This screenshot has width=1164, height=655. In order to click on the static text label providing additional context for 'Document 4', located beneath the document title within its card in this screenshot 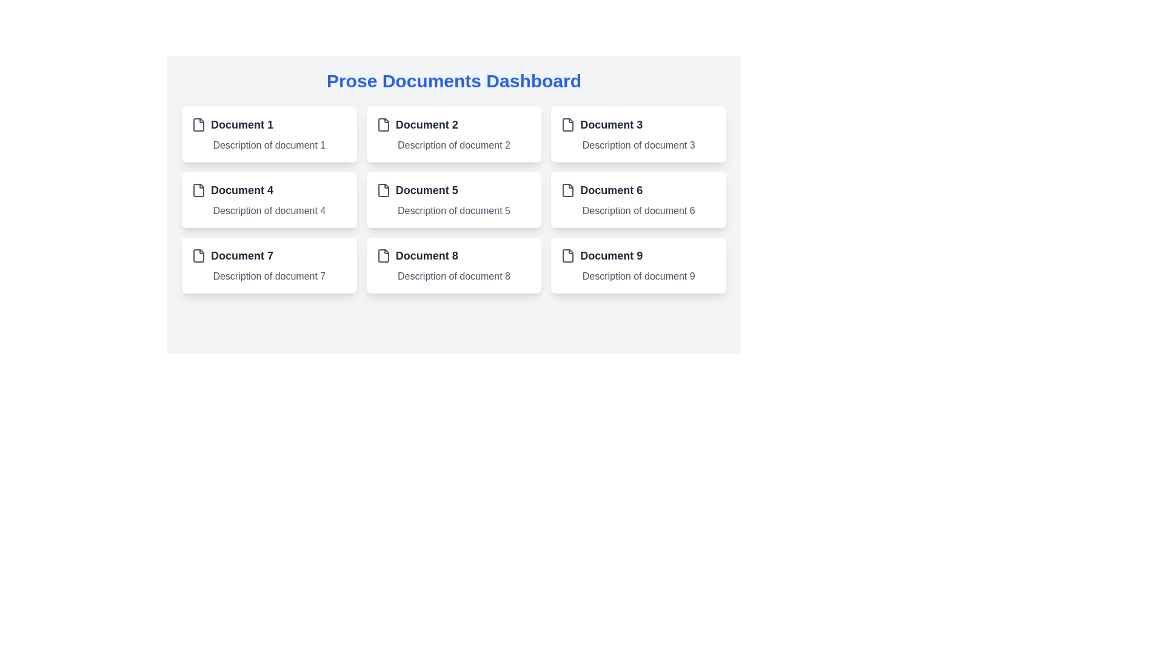, I will do `click(269, 210)`.